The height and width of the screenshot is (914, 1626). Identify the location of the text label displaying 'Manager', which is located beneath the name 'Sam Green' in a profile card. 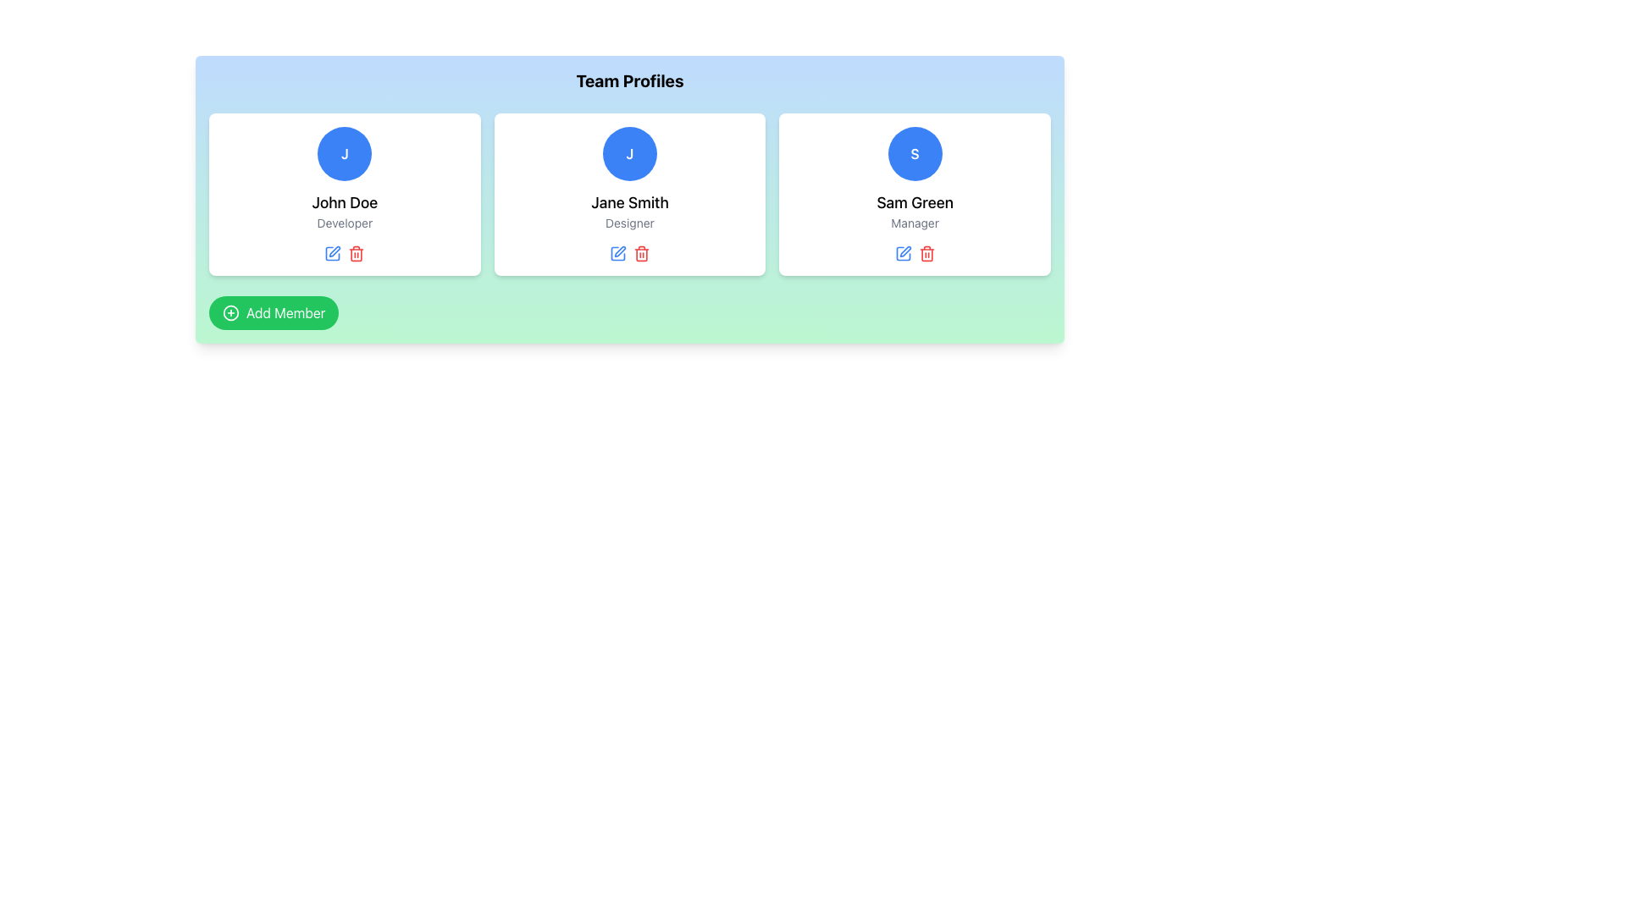
(914, 222).